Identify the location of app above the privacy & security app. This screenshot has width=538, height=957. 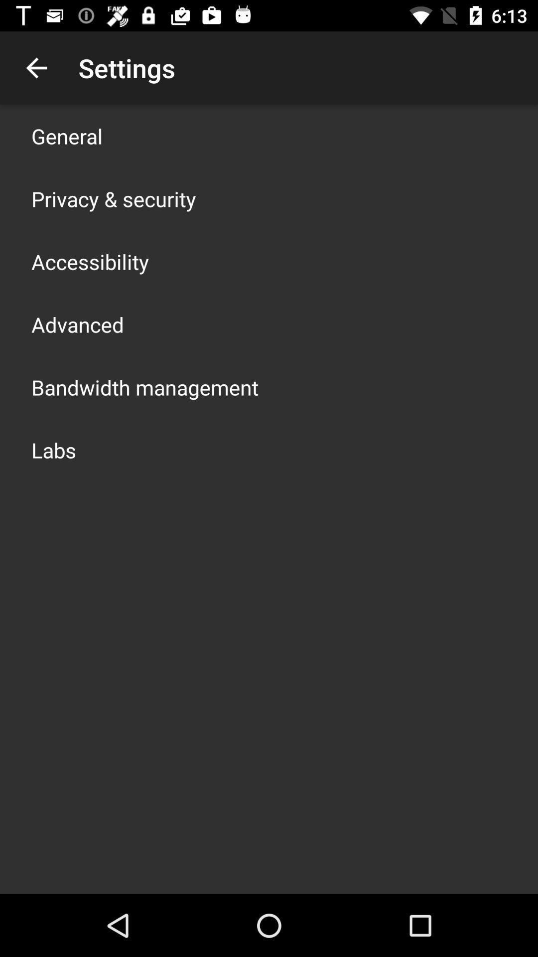
(67, 136).